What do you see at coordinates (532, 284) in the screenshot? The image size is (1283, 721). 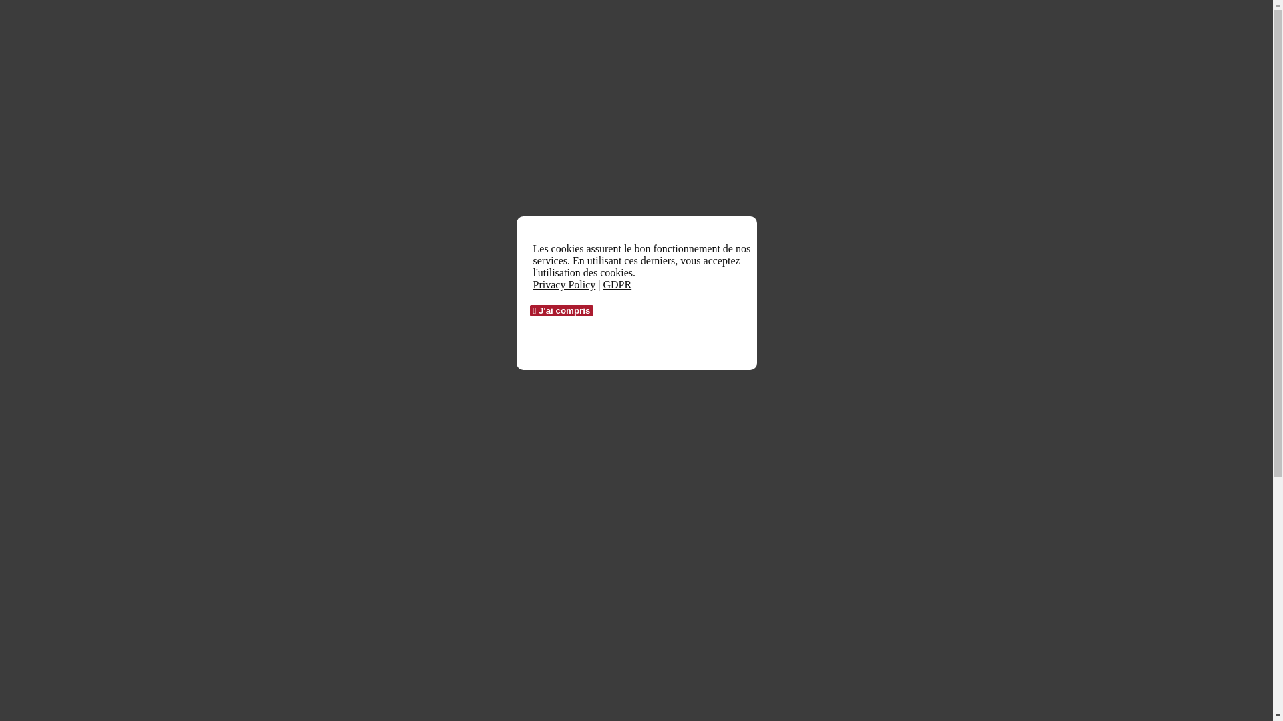 I see `'Privacy Policy'` at bounding box center [532, 284].